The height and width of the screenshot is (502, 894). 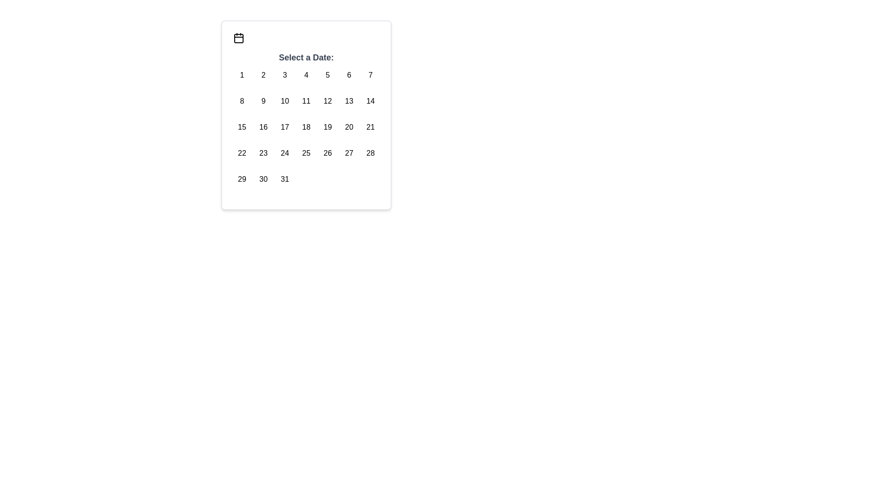 What do you see at coordinates (263, 153) in the screenshot?
I see `the Calendar day button with the number '23'` at bounding box center [263, 153].